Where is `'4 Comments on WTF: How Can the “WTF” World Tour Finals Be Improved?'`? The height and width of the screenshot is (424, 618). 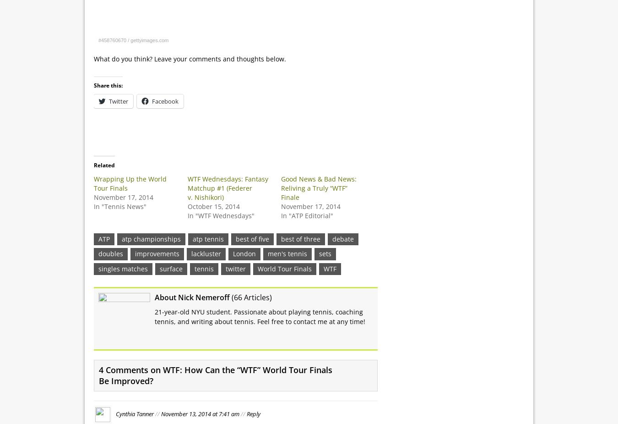 '4 Comments on WTF: How Can the “WTF” World Tour Finals Be Improved?' is located at coordinates (215, 375).